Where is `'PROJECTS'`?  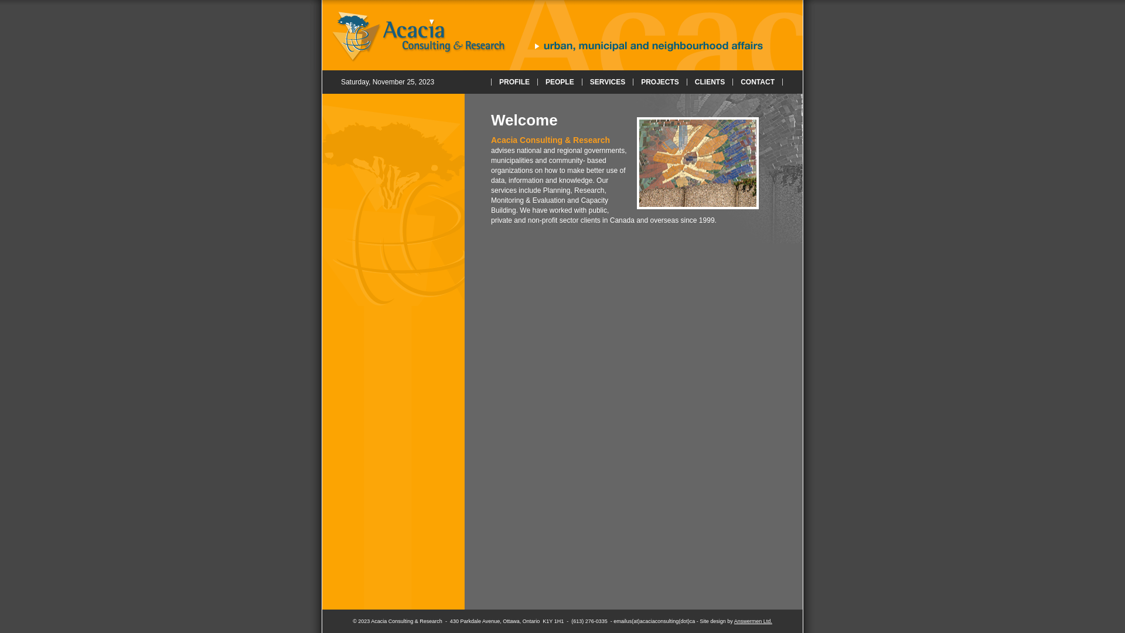
'PROJECTS' is located at coordinates (632, 81).